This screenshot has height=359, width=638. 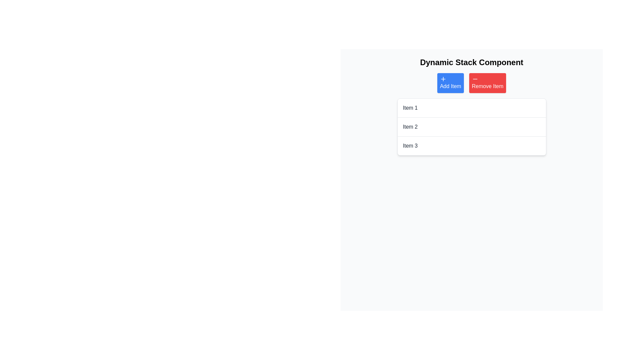 I want to click on the Static Text element displaying 'Item 1' in gray, located in the first row of a vertical list of items, so click(x=410, y=107).